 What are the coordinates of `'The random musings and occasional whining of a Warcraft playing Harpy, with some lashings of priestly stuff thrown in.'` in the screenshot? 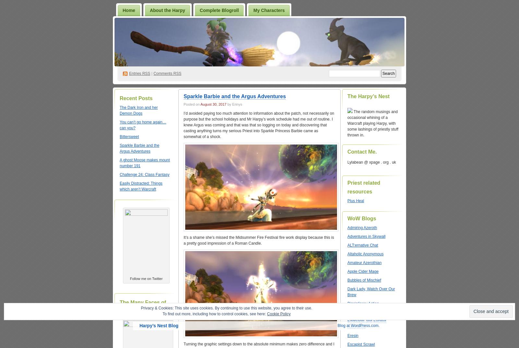 It's located at (373, 123).